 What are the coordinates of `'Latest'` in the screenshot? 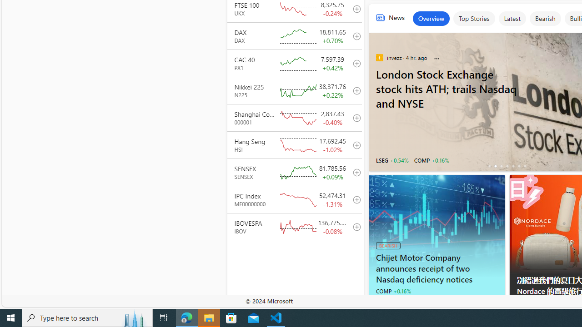 It's located at (512, 19).